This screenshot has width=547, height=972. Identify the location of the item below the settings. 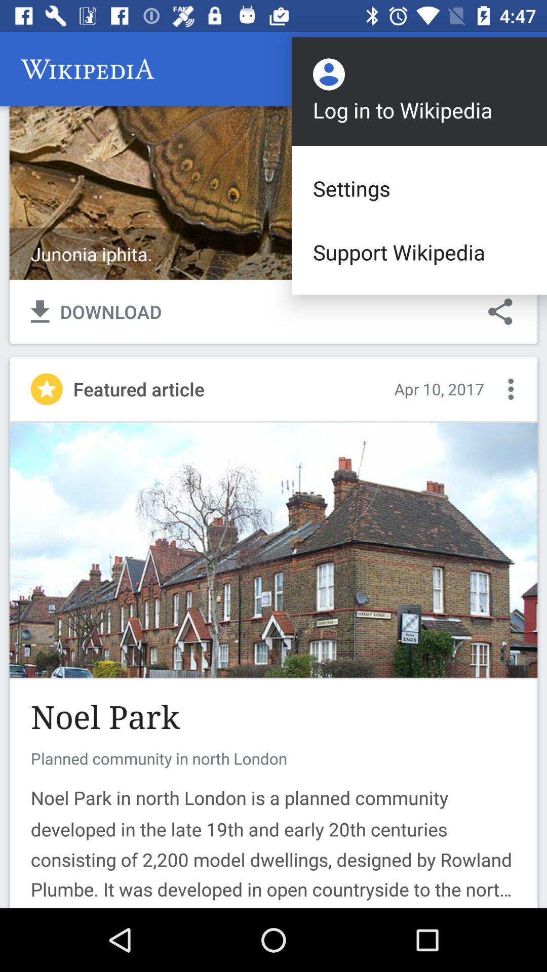
(419, 252).